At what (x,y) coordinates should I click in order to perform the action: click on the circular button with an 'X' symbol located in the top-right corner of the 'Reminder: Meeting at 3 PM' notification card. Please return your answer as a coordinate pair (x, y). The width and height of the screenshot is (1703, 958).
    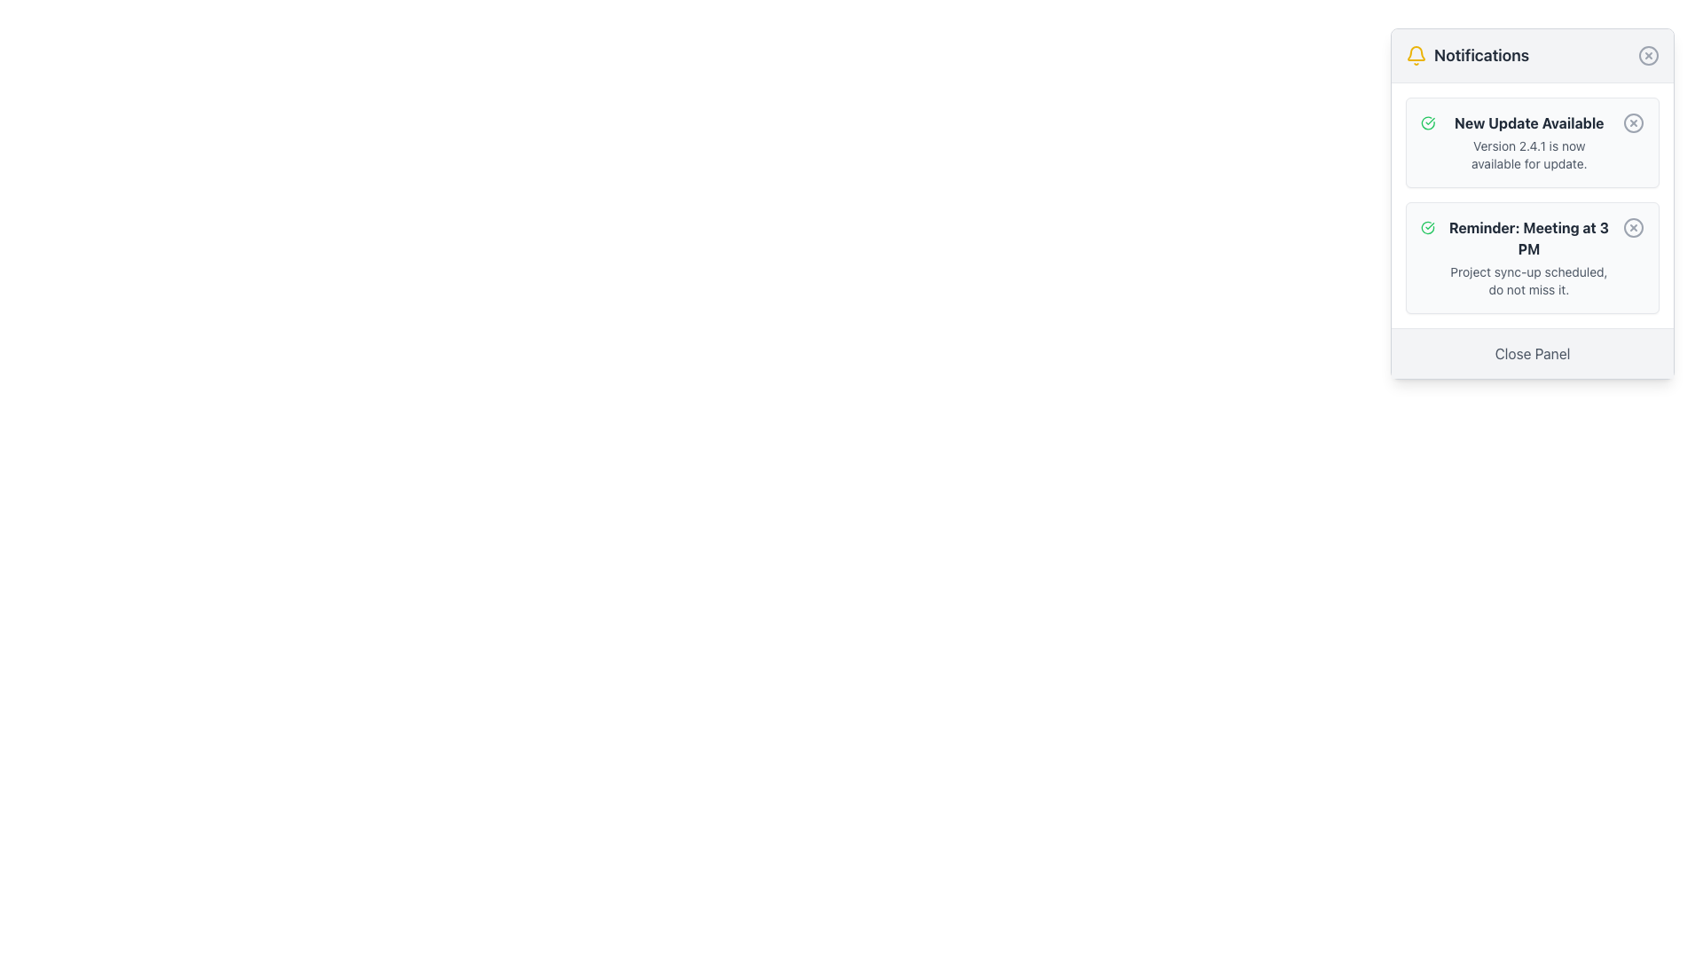
    Looking at the image, I should click on (1633, 227).